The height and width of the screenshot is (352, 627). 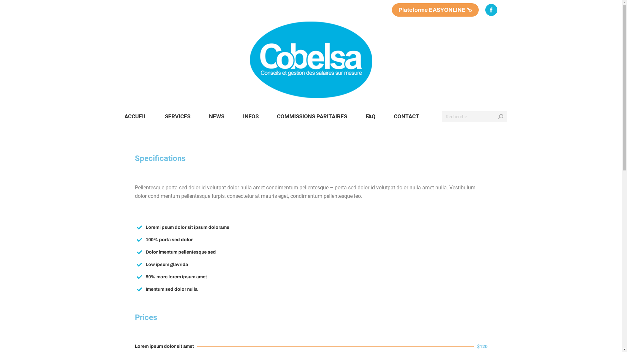 I want to click on 'INFOS', so click(x=250, y=116).